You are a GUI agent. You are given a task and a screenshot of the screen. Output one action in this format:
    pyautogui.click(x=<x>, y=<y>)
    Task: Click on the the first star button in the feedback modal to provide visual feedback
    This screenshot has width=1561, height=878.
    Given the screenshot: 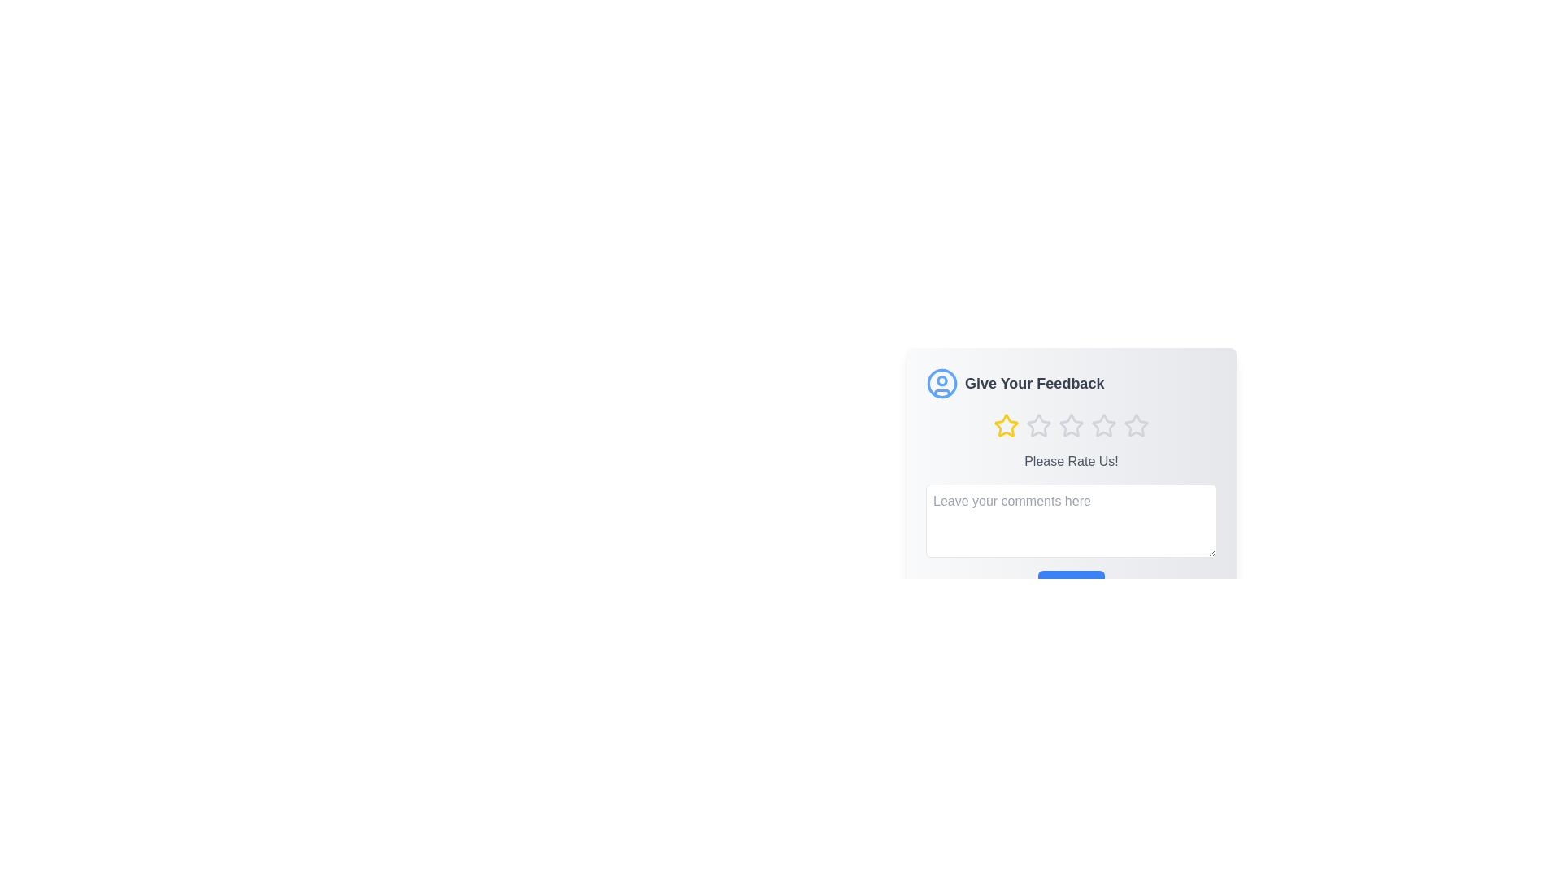 What is the action you would take?
    pyautogui.click(x=1006, y=425)
    